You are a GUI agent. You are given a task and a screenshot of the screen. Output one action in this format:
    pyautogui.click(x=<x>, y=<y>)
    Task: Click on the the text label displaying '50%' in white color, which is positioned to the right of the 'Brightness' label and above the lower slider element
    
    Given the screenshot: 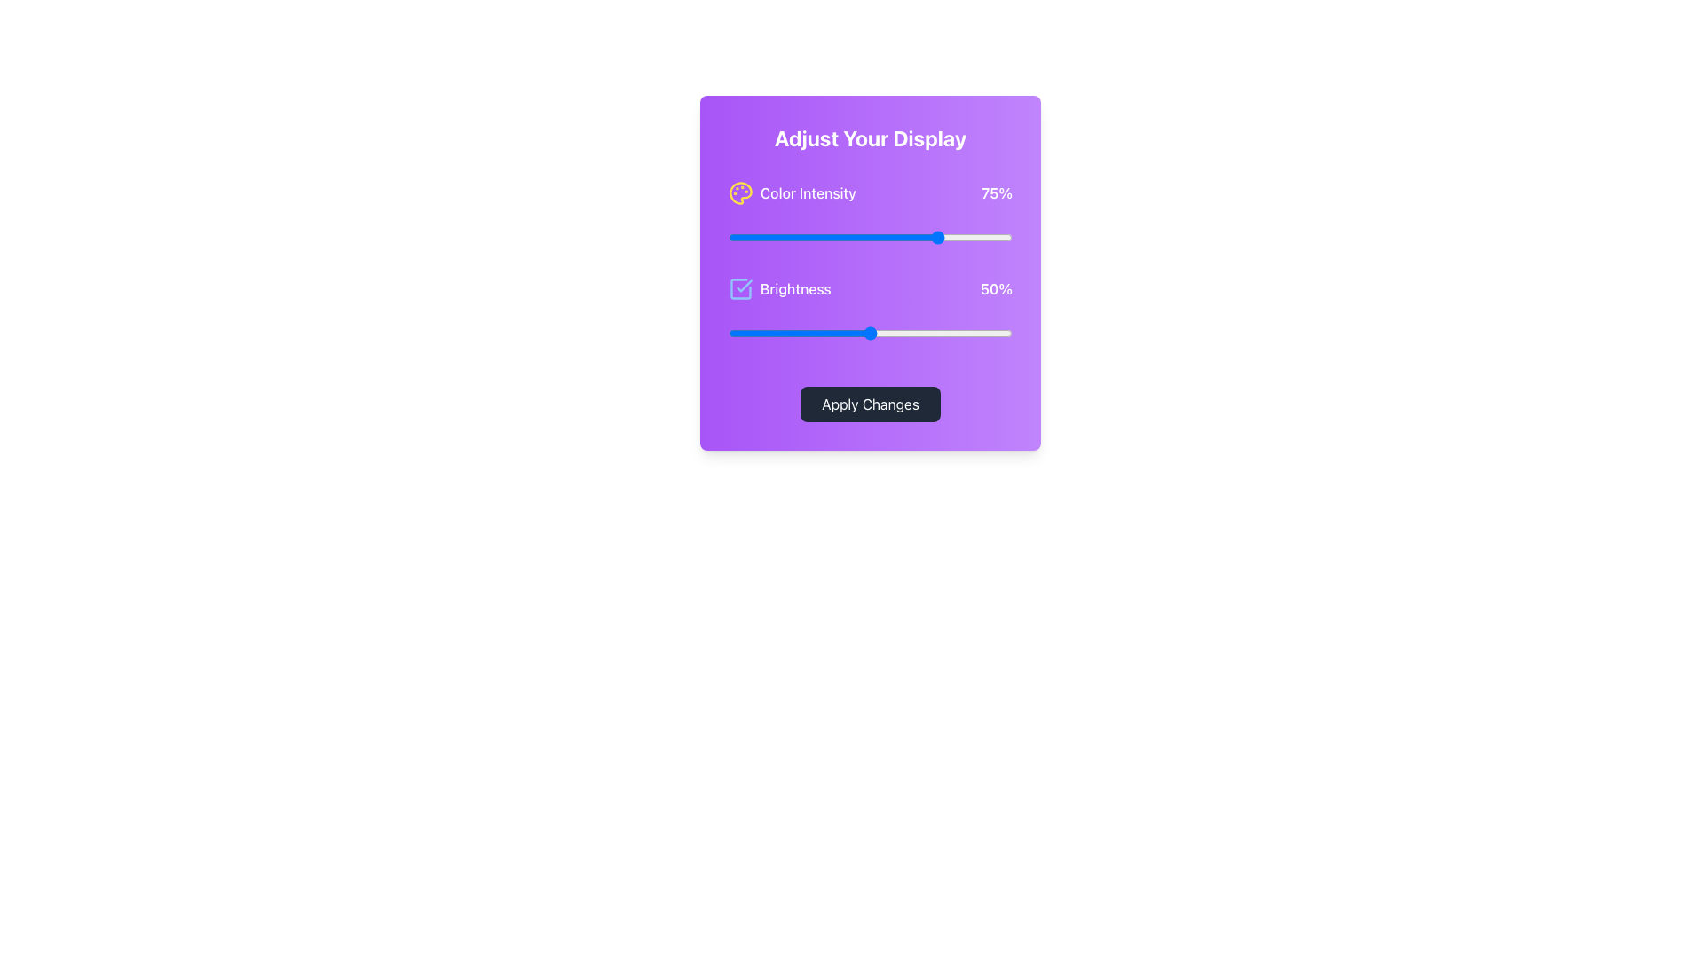 What is the action you would take?
    pyautogui.click(x=997, y=288)
    